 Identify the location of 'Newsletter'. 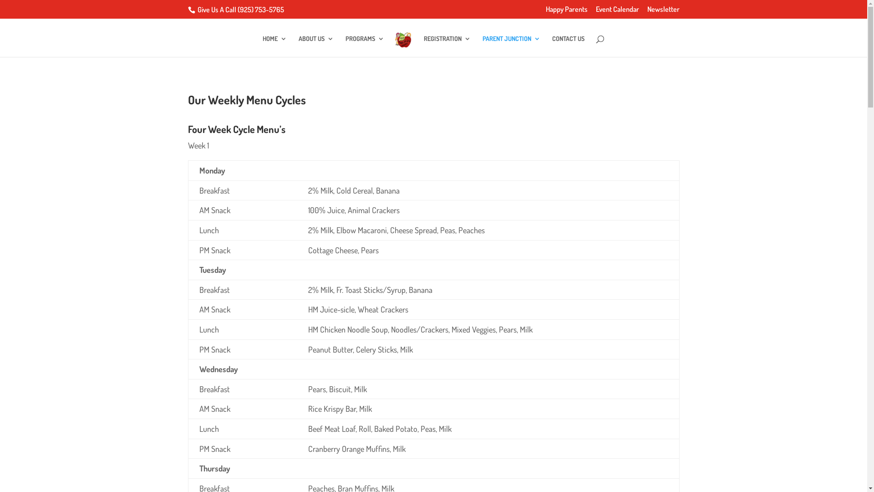
(663, 12).